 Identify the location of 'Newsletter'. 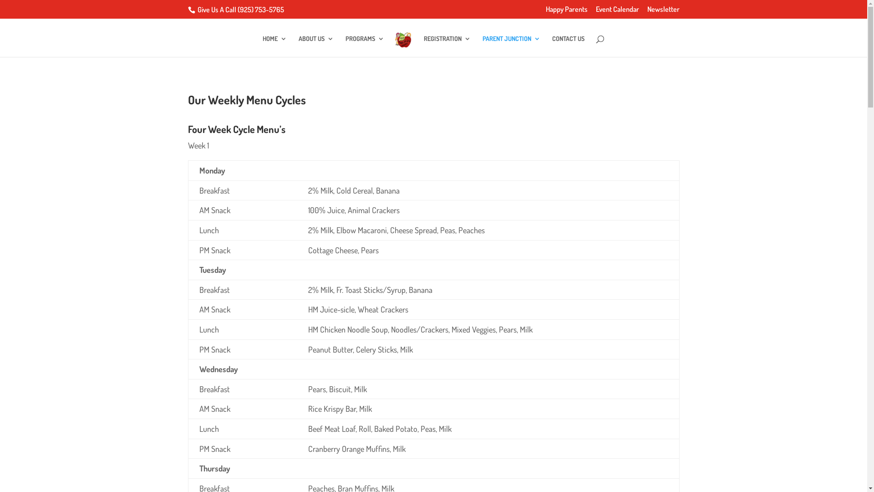
(663, 12).